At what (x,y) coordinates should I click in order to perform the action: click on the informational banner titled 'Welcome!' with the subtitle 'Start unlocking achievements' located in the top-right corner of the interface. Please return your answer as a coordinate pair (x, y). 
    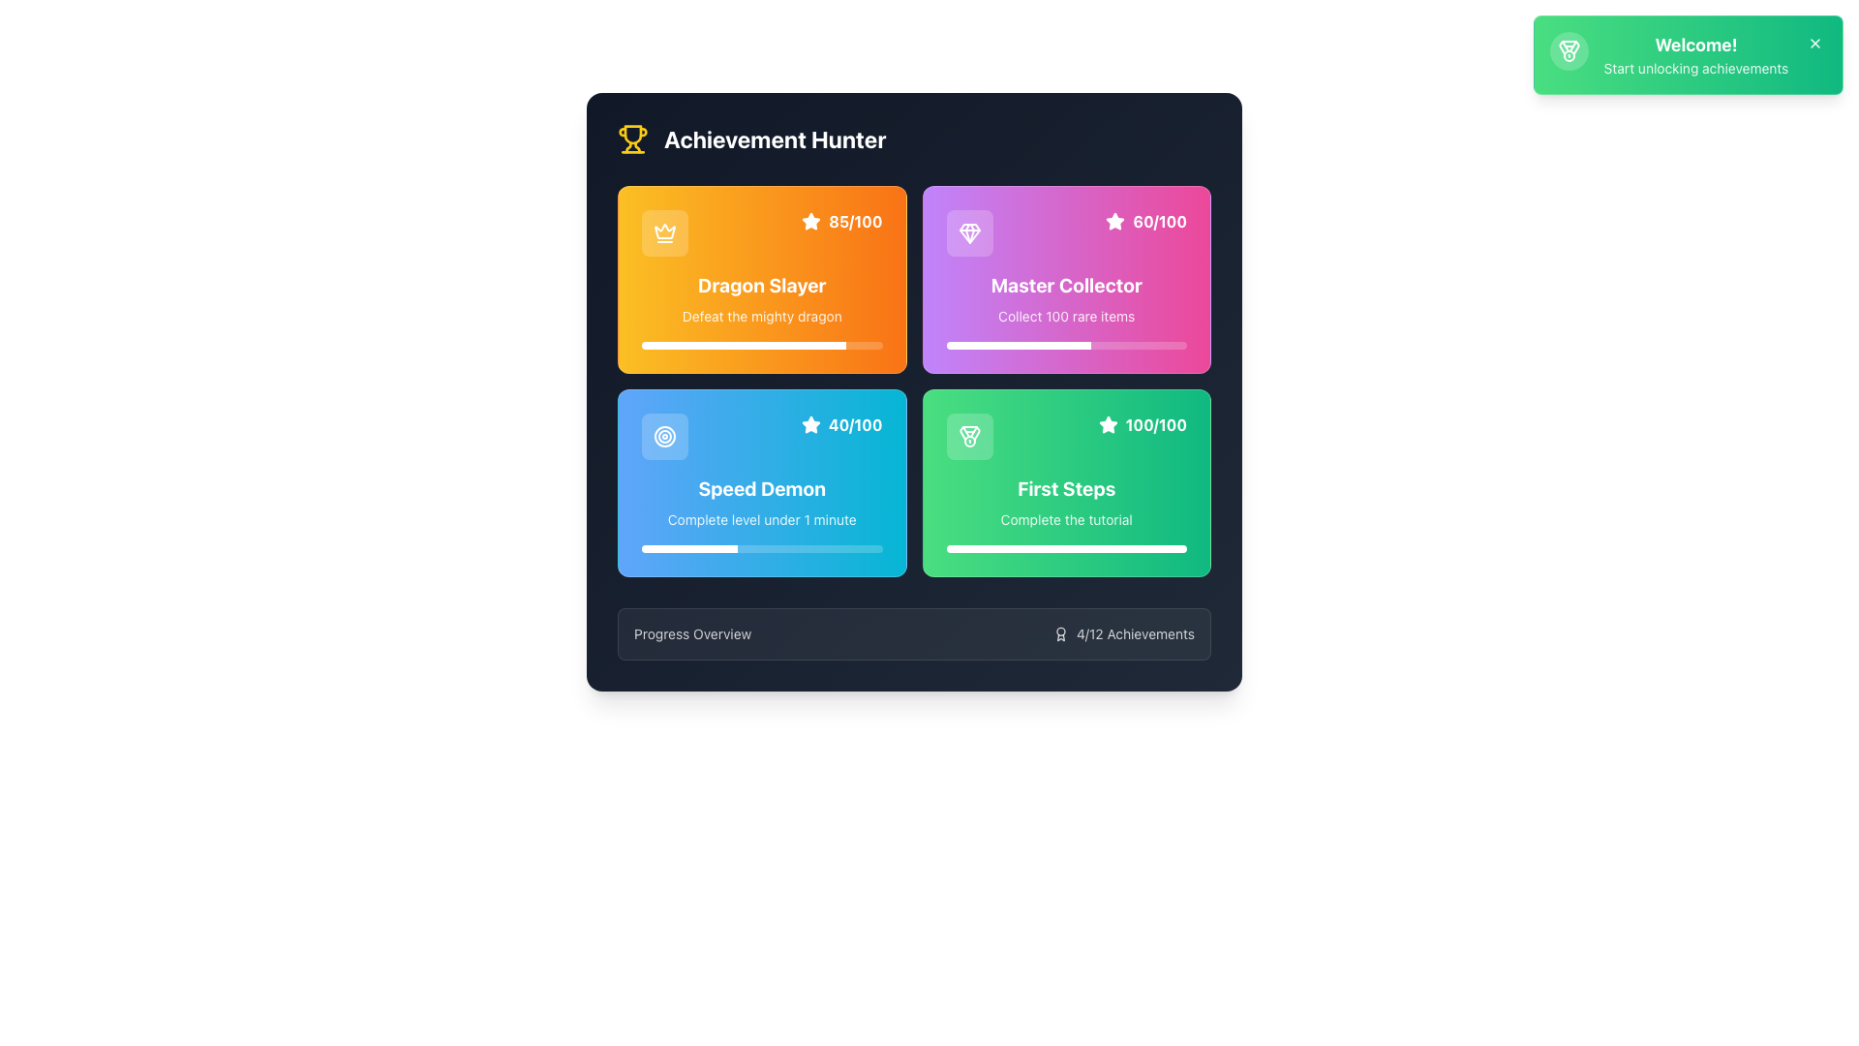
    Looking at the image, I should click on (1687, 54).